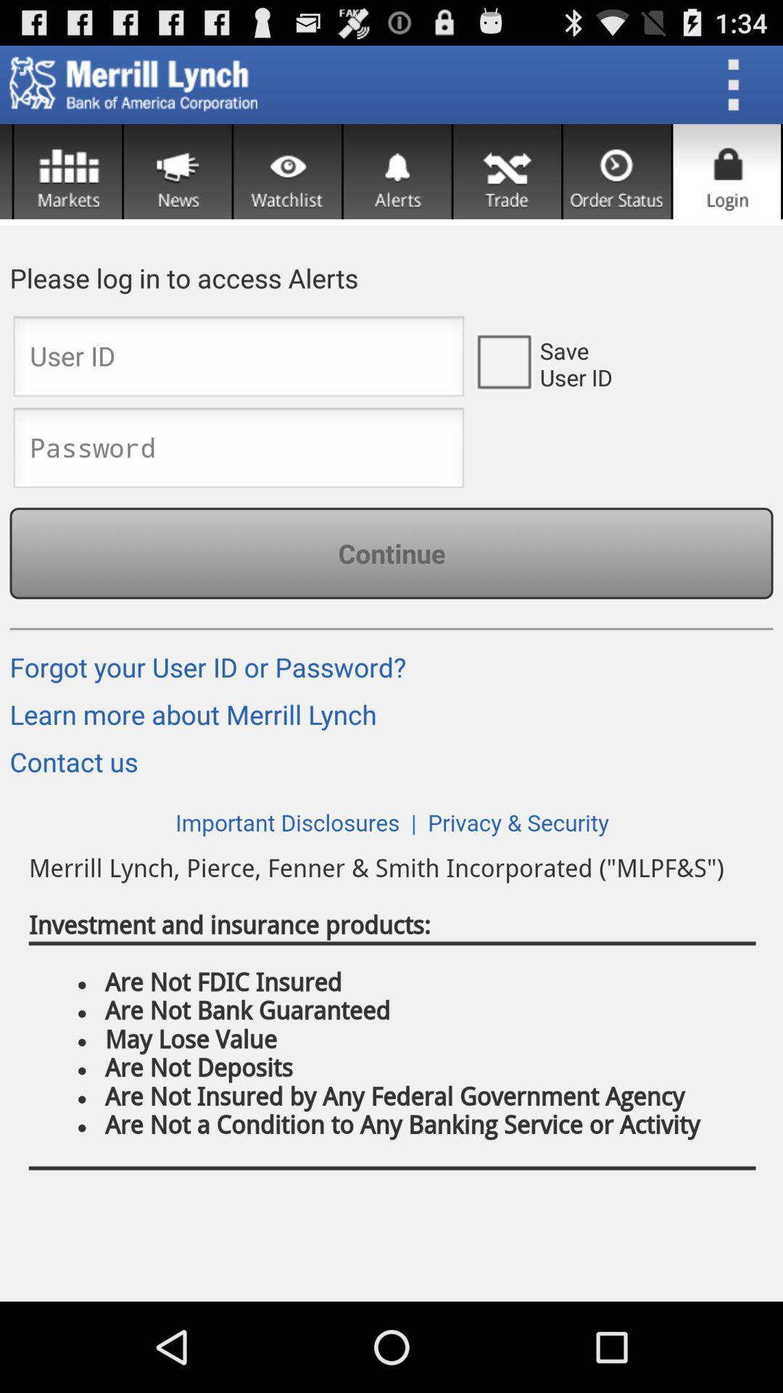 Image resolution: width=783 pixels, height=1393 pixels. Describe the element at coordinates (617, 171) in the screenshot. I see `check order status` at that location.